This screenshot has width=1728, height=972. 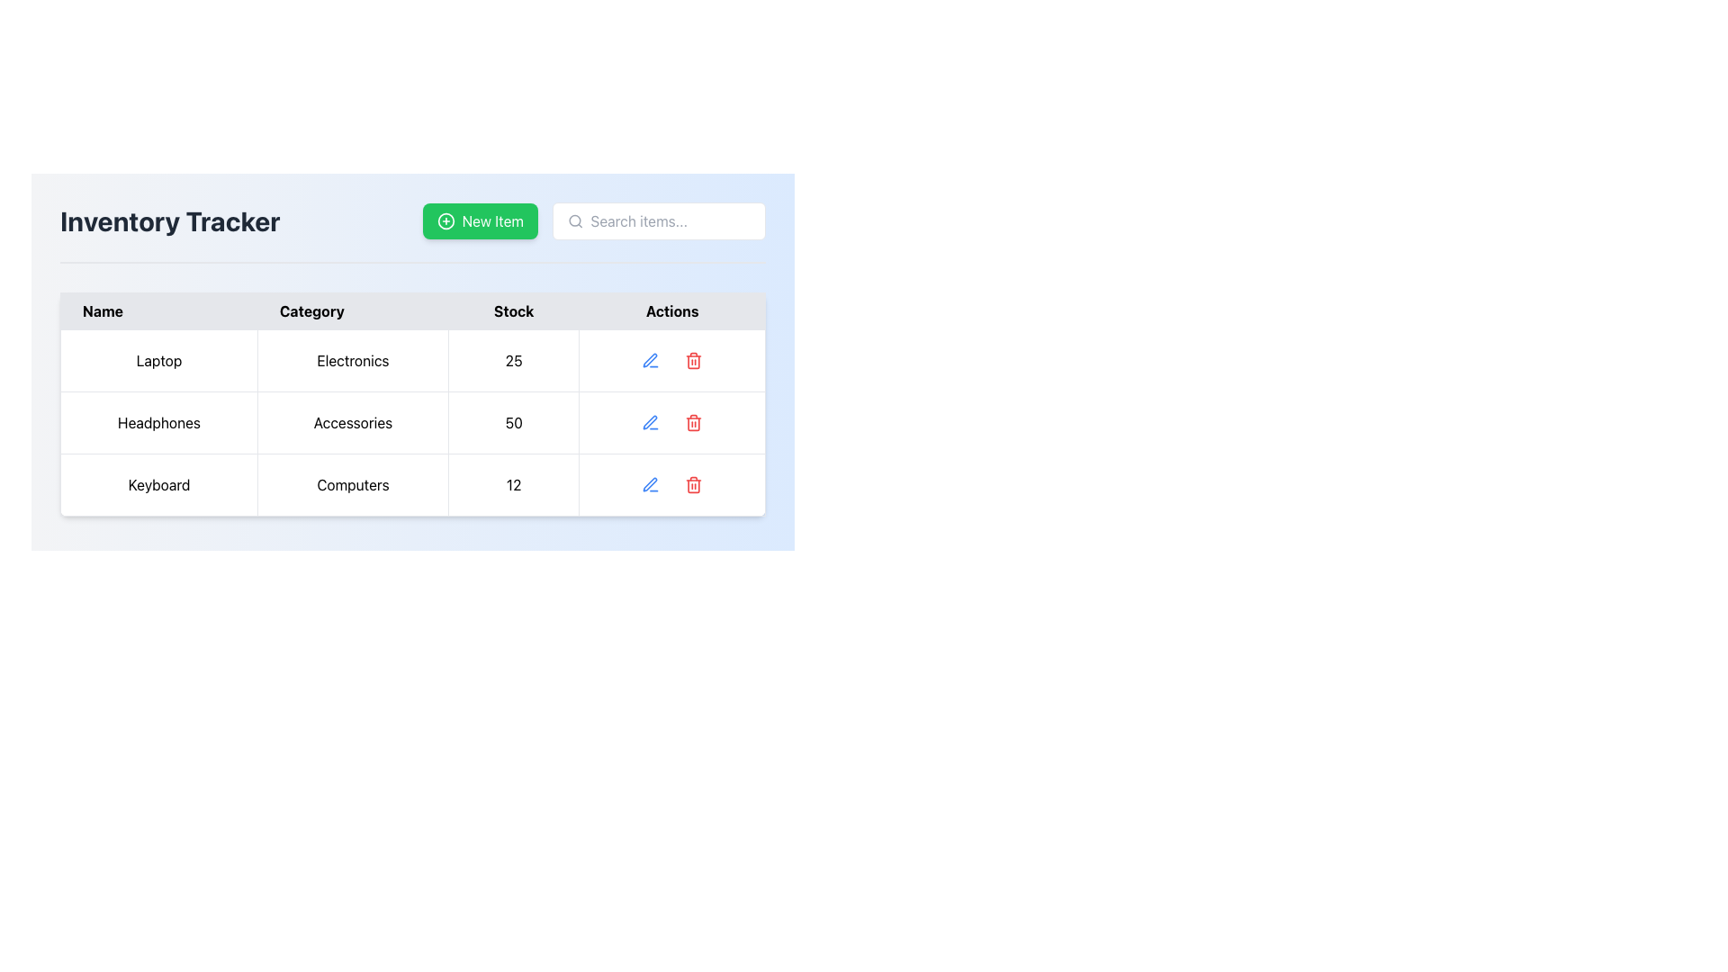 What do you see at coordinates (353, 361) in the screenshot?
I see `text content of the text label 'Electronics' located in the second column of the first row of the table` at bounding box center [353, 361].